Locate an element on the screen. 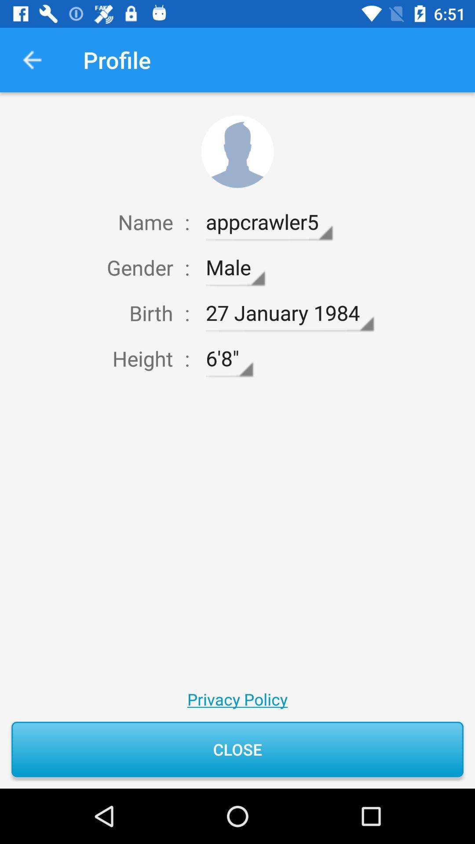  the icon to the right of : icon is located at coordinates (229, 359).